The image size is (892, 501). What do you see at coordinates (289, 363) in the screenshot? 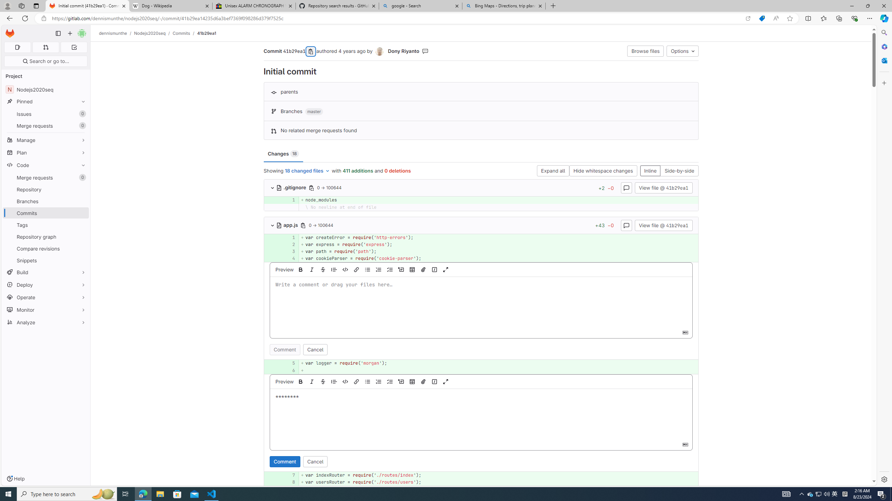
I see `'5'` at bounding box center [289, 363].